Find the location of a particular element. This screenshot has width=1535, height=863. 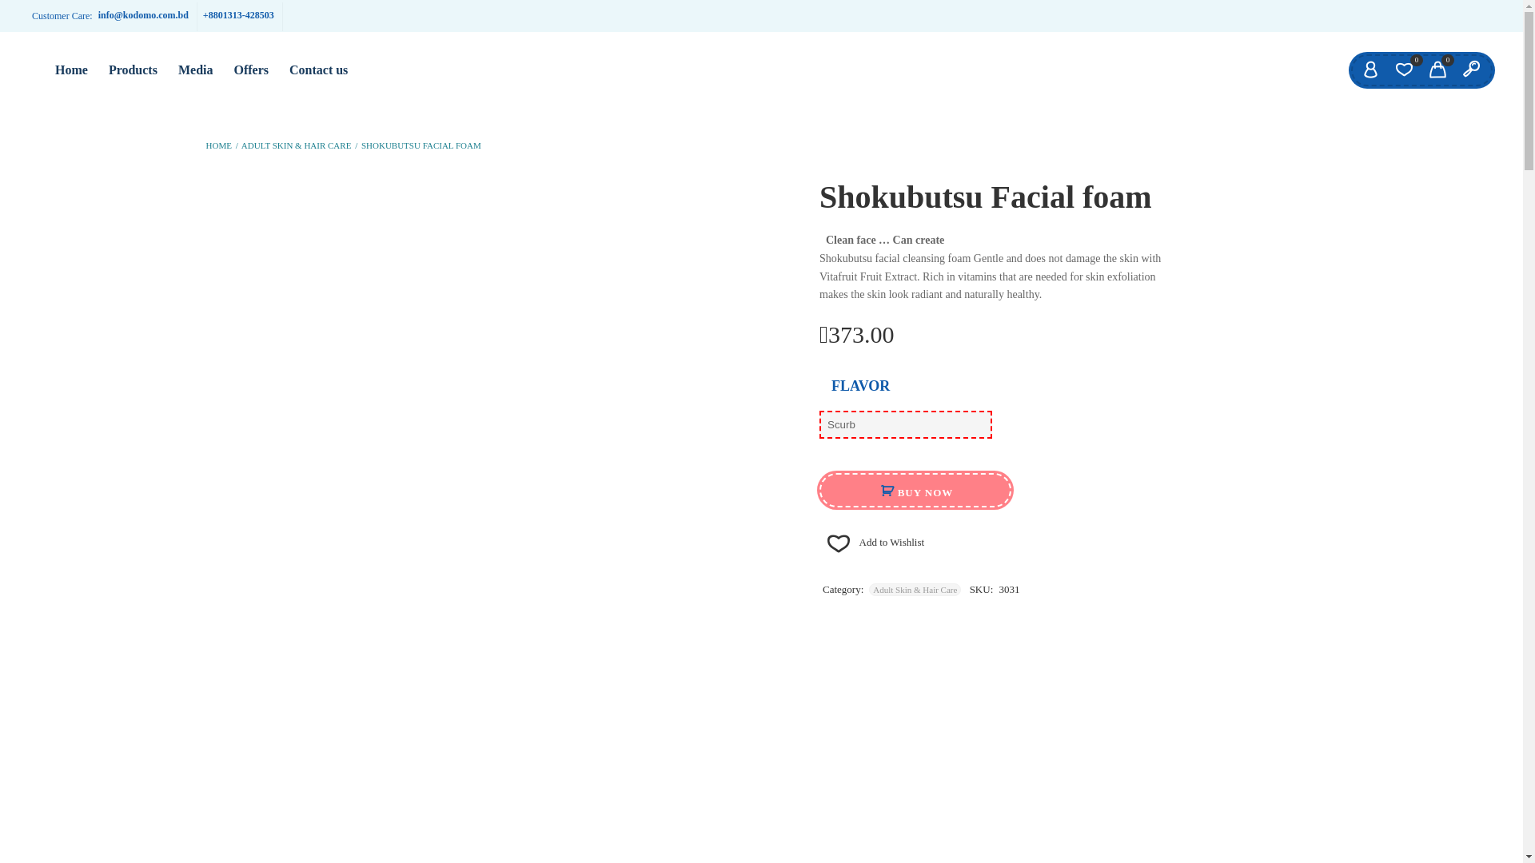

'My Account' is located at coordinates (1369, 70).